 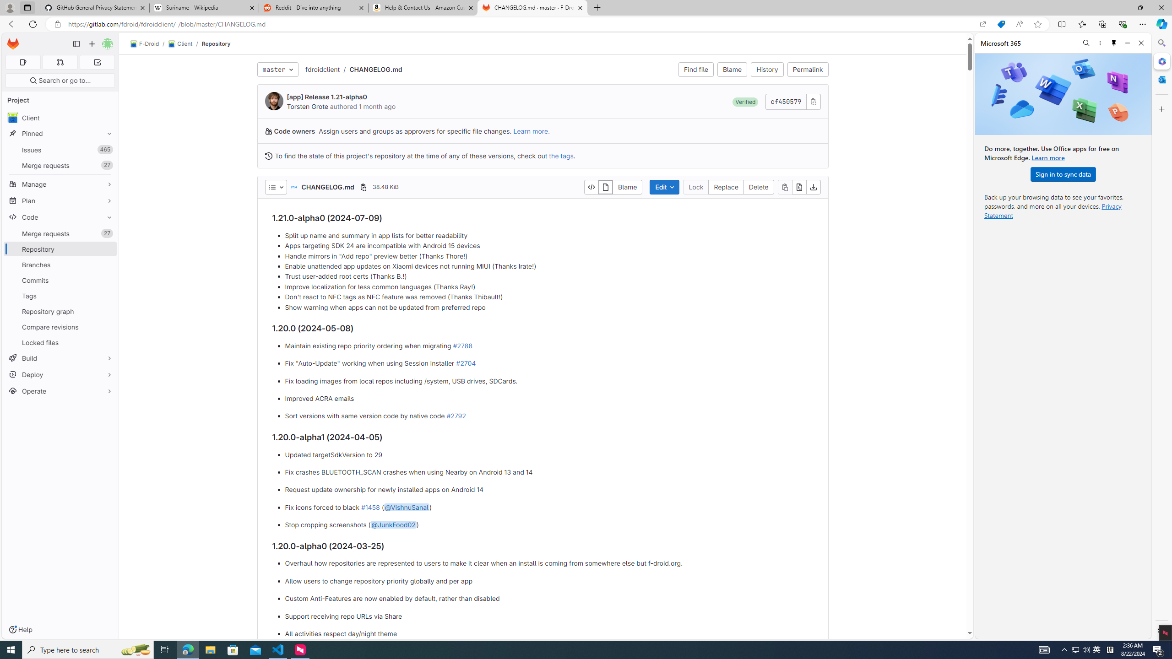 What do you see at coordinates (664, 186) in the screenshot?
I see `'Edit'` at bounding box center [664, 186].